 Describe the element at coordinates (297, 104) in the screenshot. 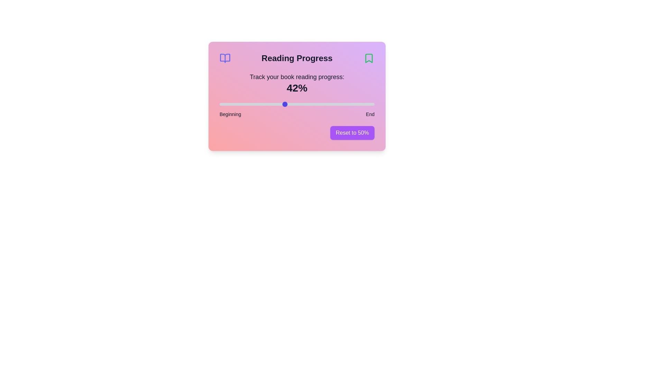

I see `the reading progress slider to 50%` at that location.